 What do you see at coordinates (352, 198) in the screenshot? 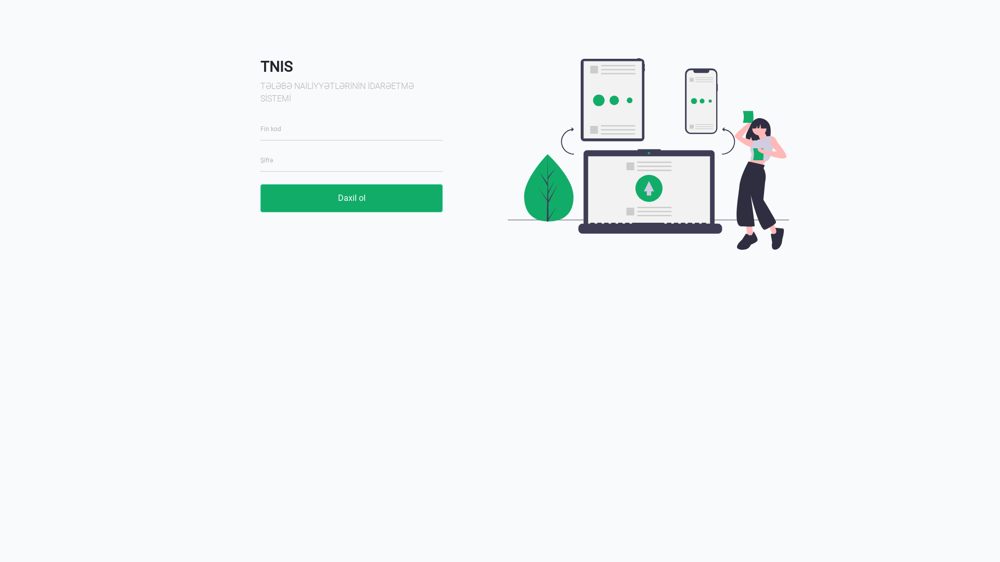
I see `'Daxil ol'` at bounding box center [352, 198].